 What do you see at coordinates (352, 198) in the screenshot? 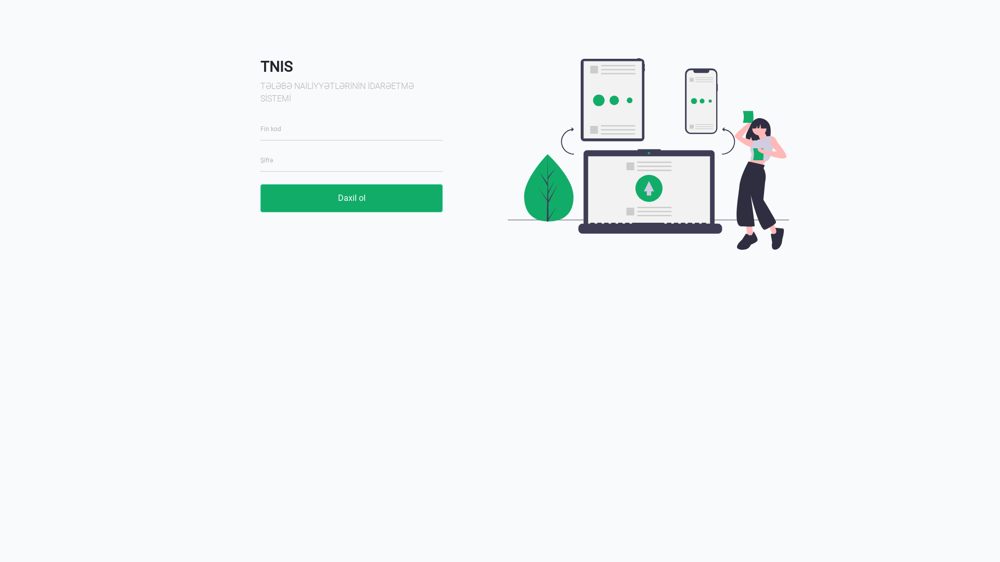
I see `'Daxil ol'` at bounding box center [352, 198].